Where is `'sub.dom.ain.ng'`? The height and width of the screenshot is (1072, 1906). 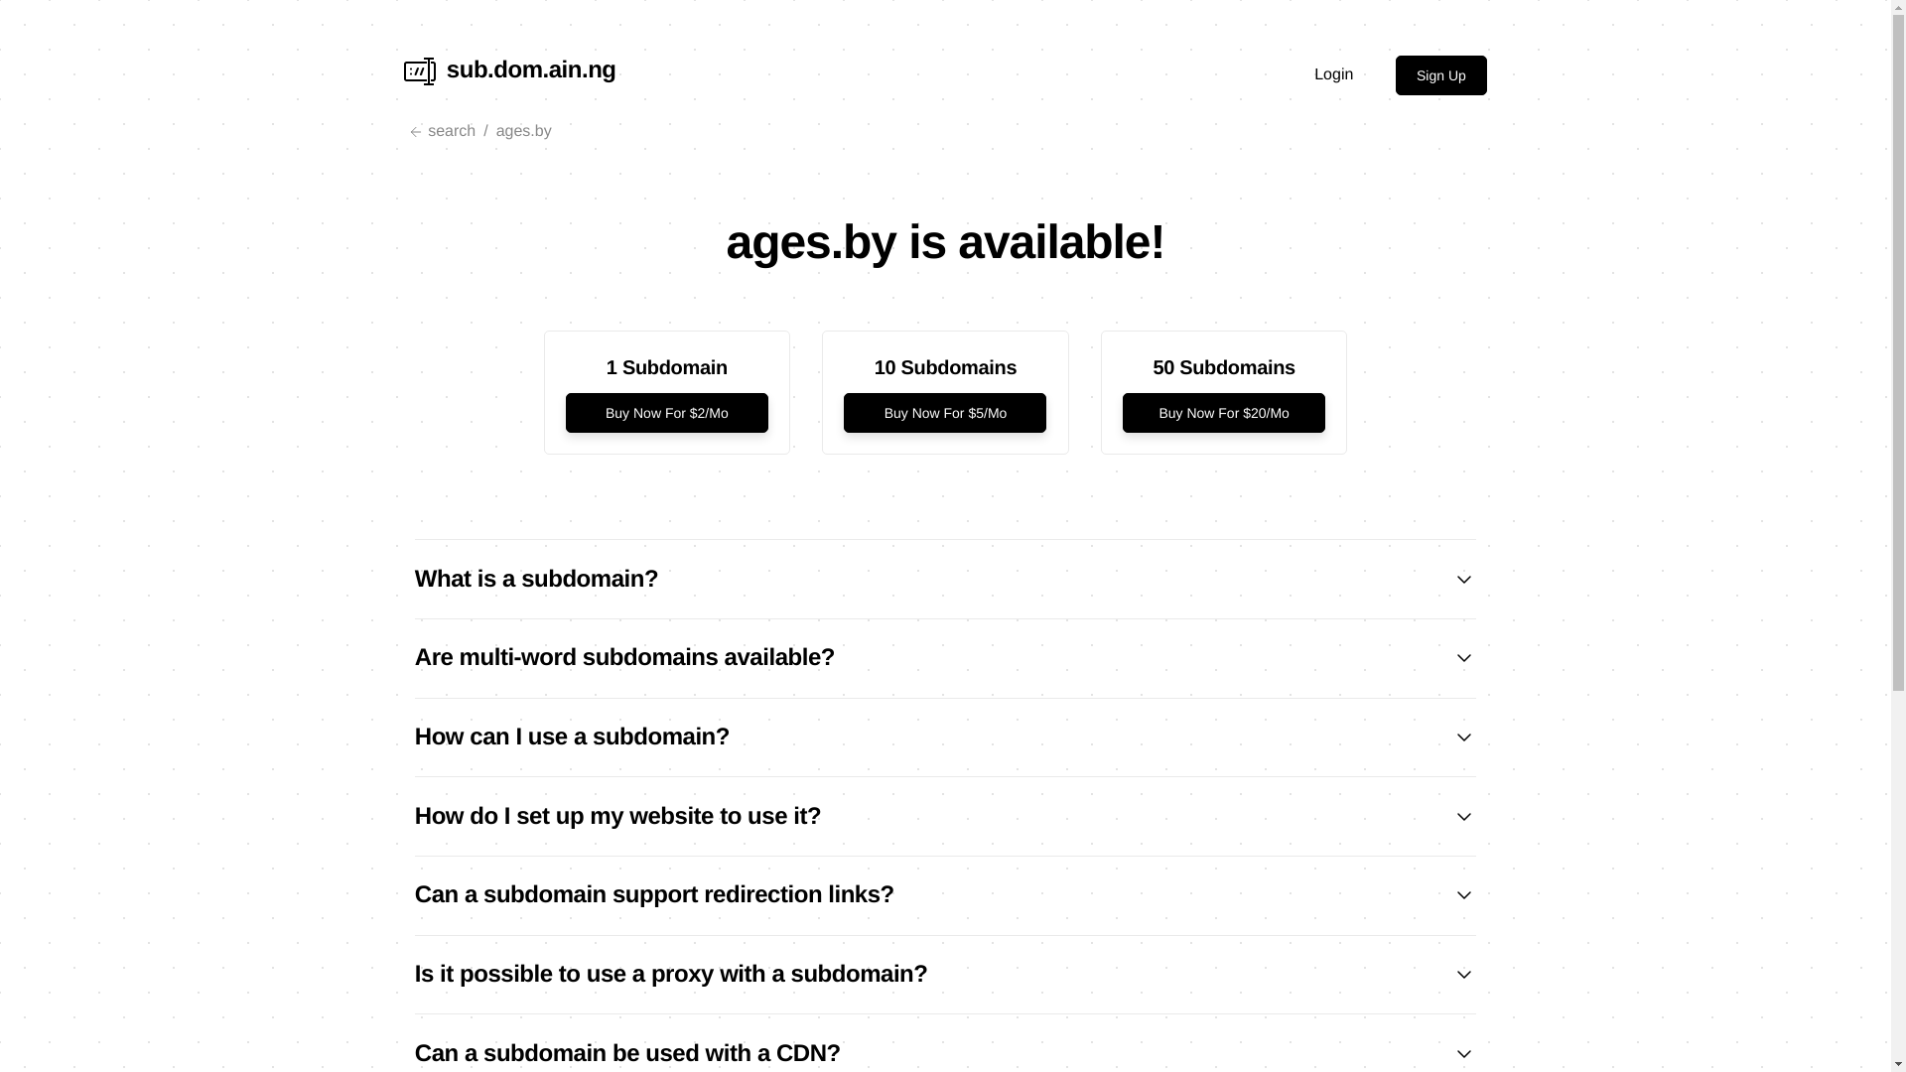 'sub.dom.ain.ng' is located at coordinates (509, 74).